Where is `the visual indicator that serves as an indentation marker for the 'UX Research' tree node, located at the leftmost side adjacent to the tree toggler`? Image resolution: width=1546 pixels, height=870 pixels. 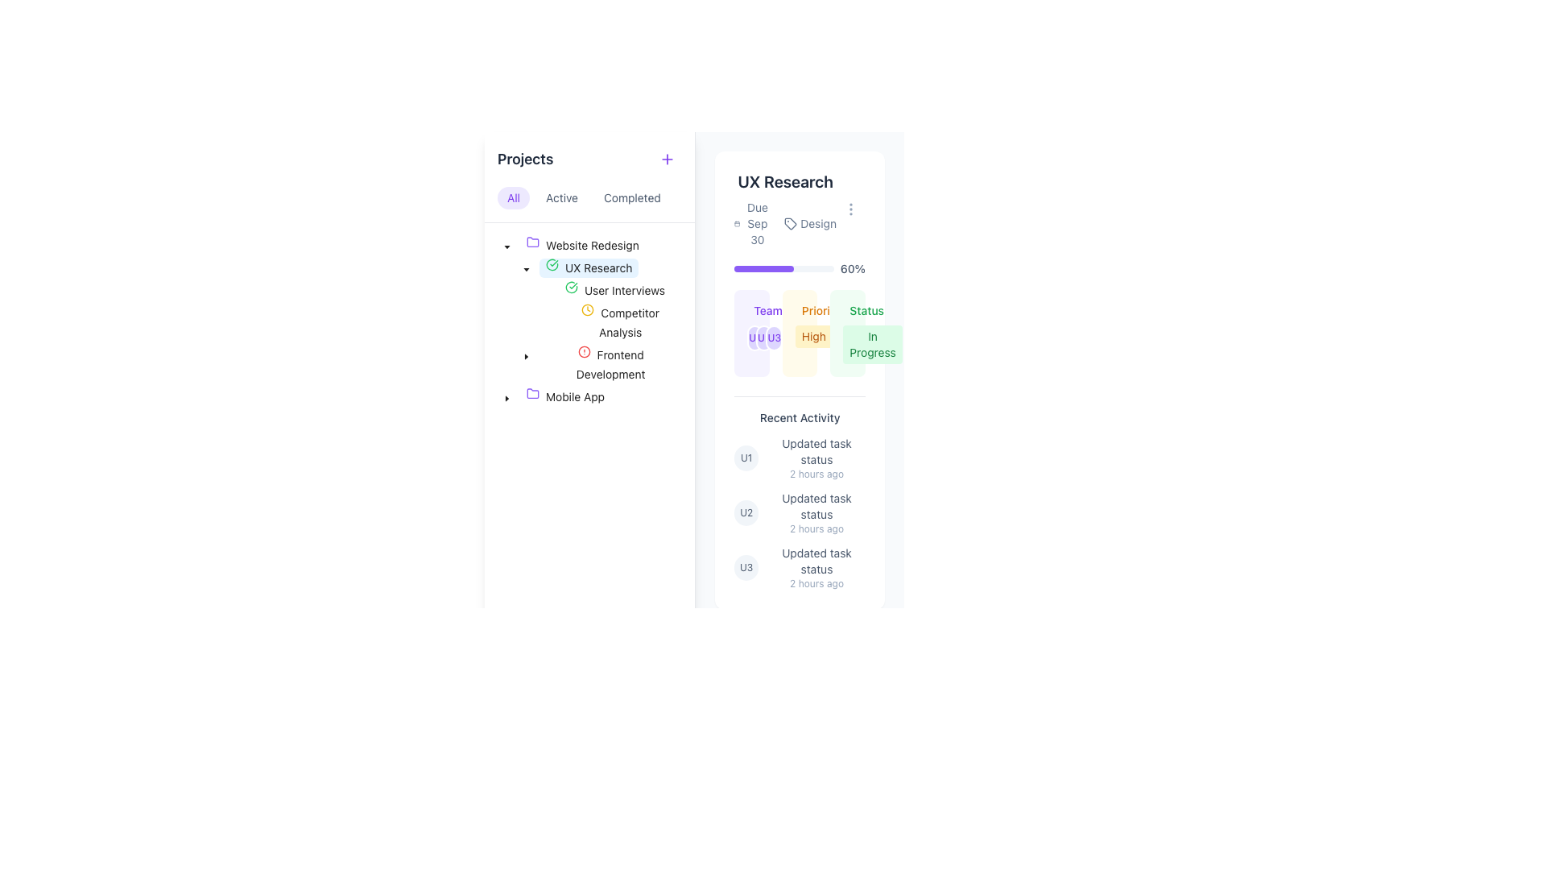
the visual indicator that serves as an indentation marker for the 'UX Research' tree node, located at the leftmost side adjacent to the tree toggler is located at coordinates (506, 267).